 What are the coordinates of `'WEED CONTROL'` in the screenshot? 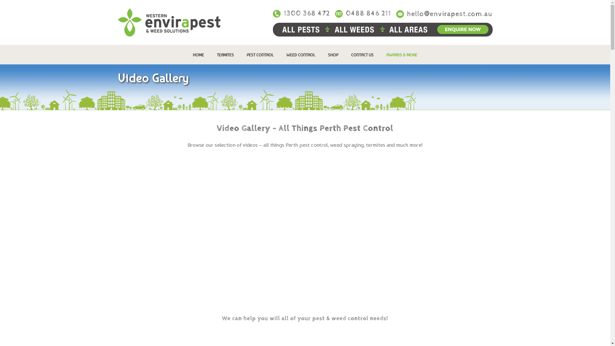 It's located at (300, 54).